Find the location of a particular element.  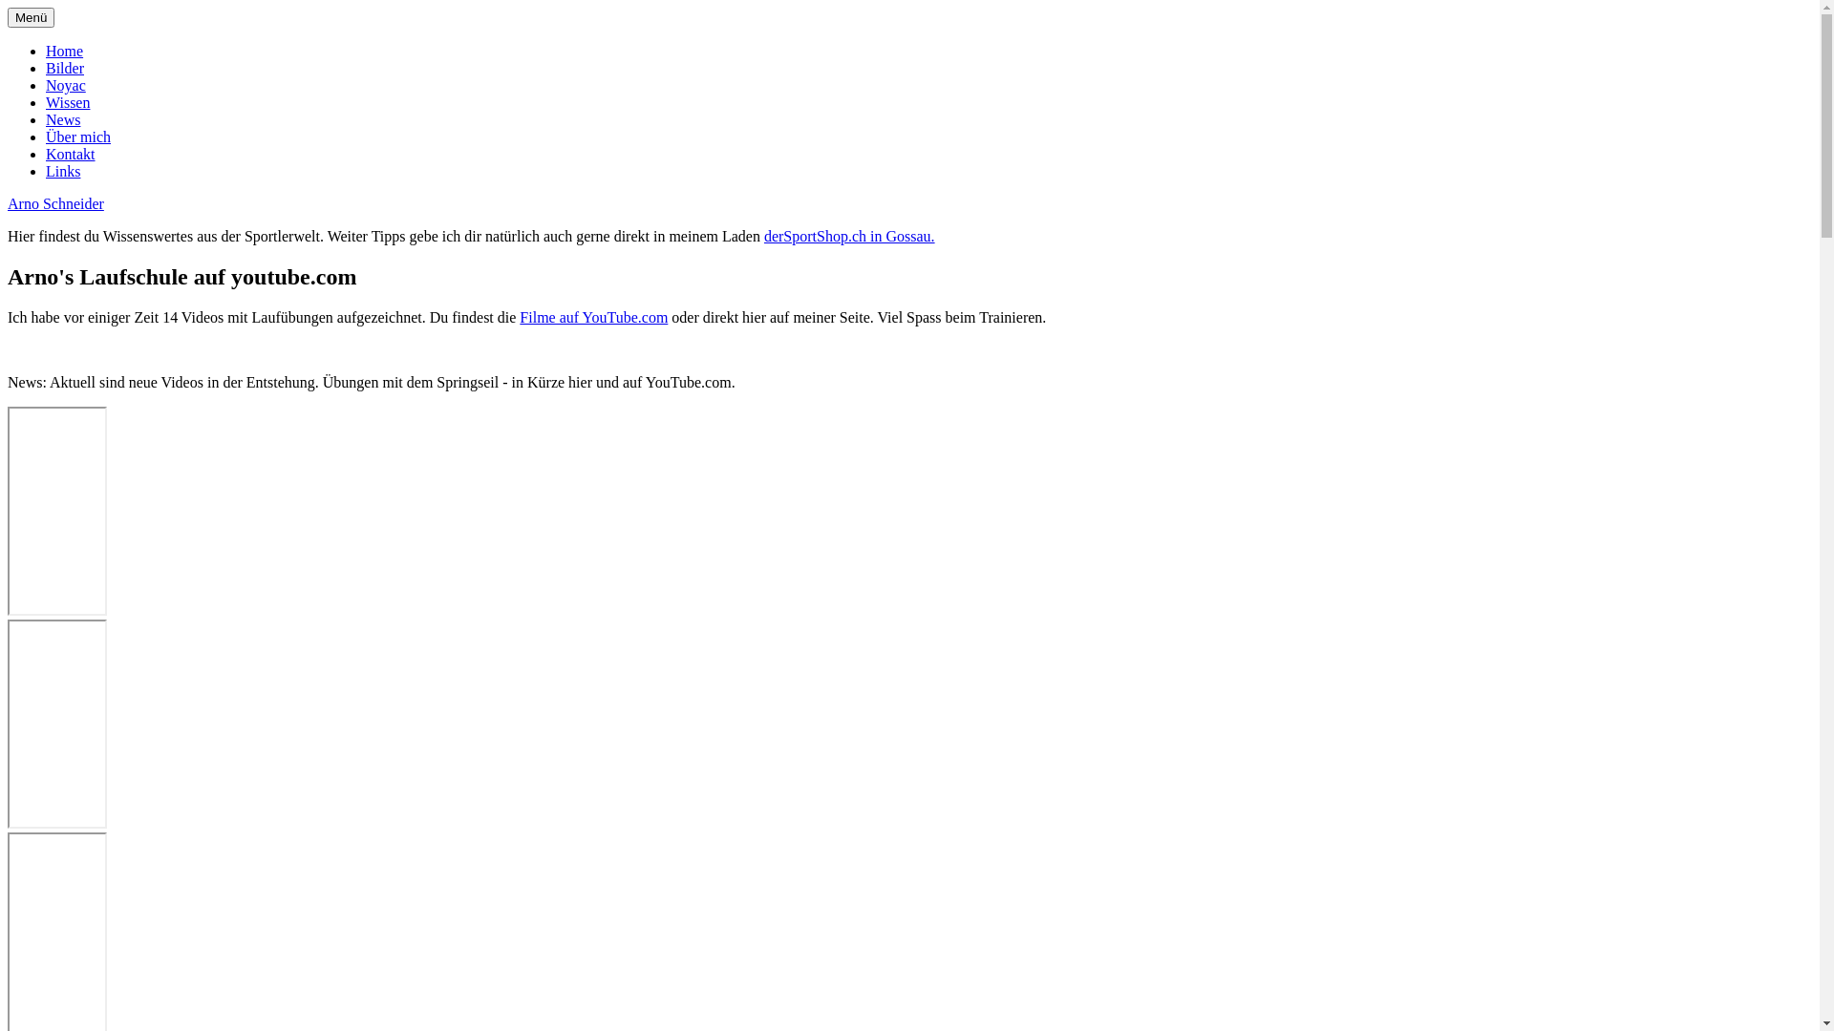

'Kontakt' is located at coordinates (70, 153).